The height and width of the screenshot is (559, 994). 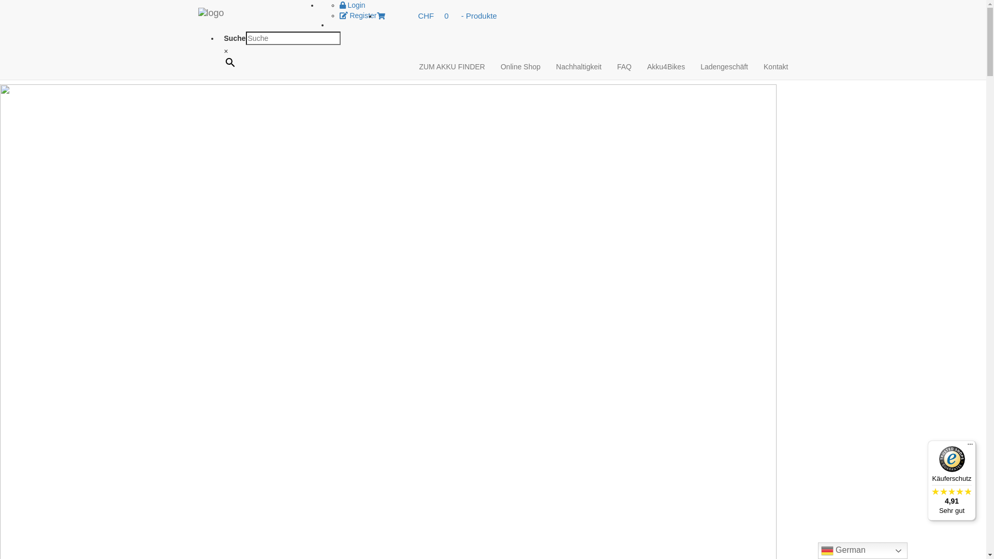 I want to click on 'Register', so click(x=358, y=16).